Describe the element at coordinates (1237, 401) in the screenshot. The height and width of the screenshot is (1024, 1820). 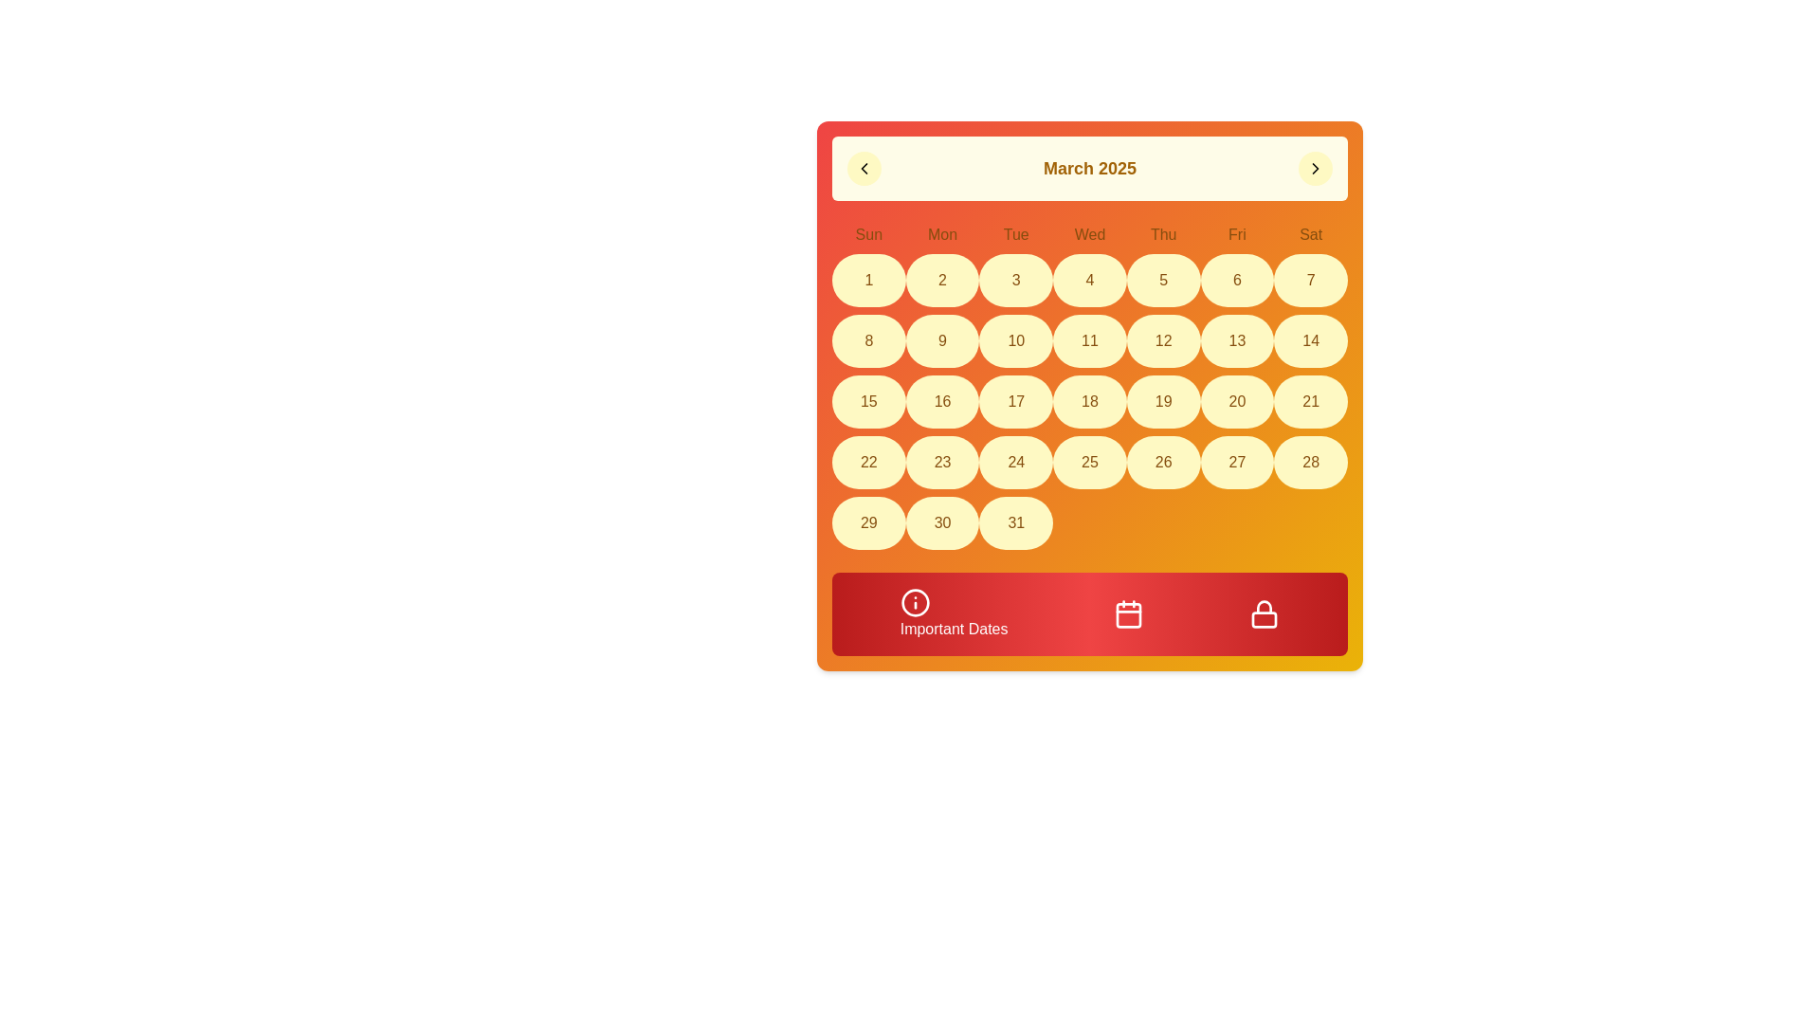
I see `the interactive calendar cell displaying '20' in brown, located under 'Fri' in the calendar grid` at that location.